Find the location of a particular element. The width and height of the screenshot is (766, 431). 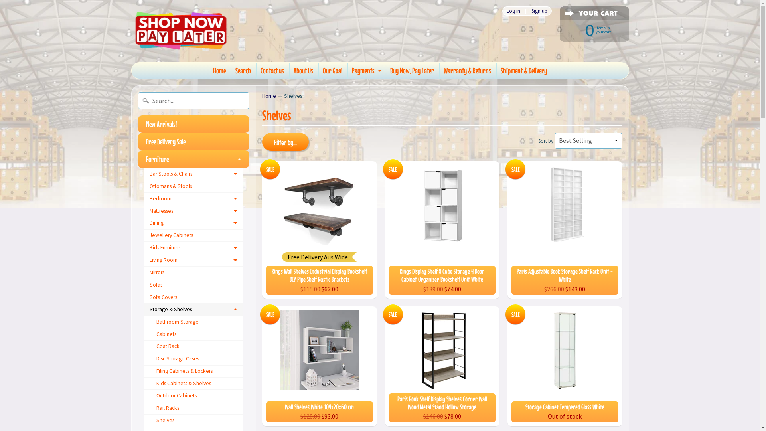

'Furniture' is located at coordinates (193, 159).